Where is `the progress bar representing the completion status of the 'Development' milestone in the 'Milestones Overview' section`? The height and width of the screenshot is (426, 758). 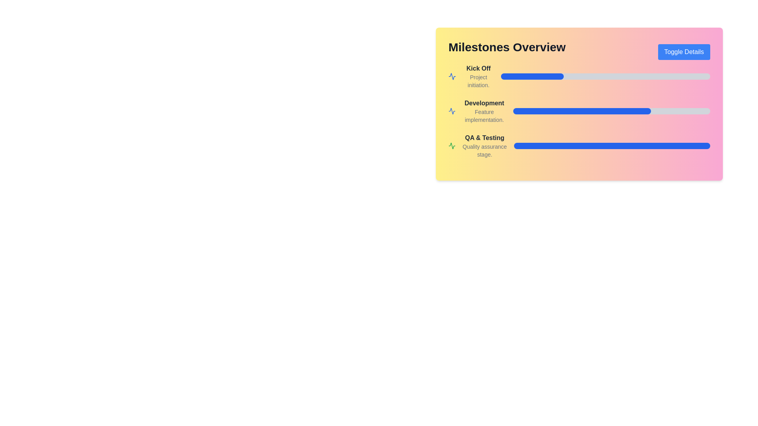
the progress bar representing the completion status of the 'Development' milestone in the 'Milestones Overview' section is located at coordinates (579, 111).